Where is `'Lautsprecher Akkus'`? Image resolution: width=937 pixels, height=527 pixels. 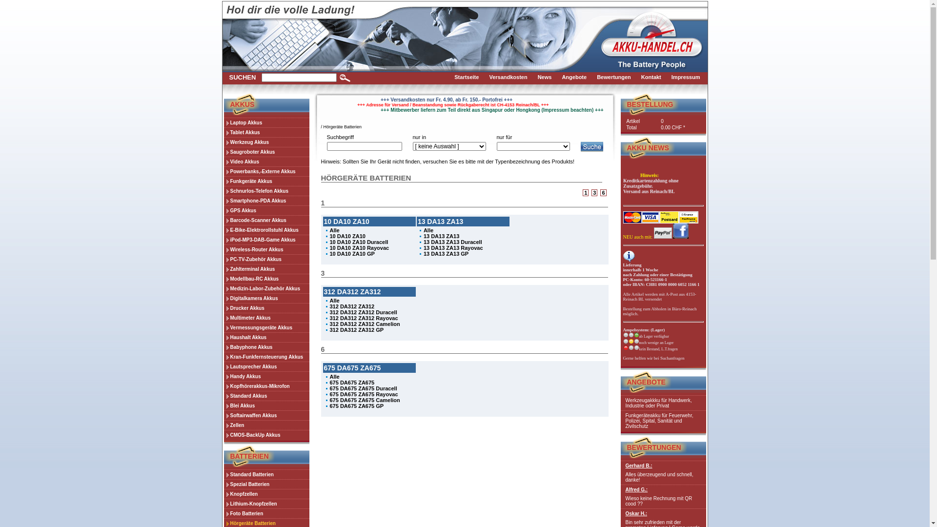 'Lautsprecher Akkus' is located at coordinates (266, 366).